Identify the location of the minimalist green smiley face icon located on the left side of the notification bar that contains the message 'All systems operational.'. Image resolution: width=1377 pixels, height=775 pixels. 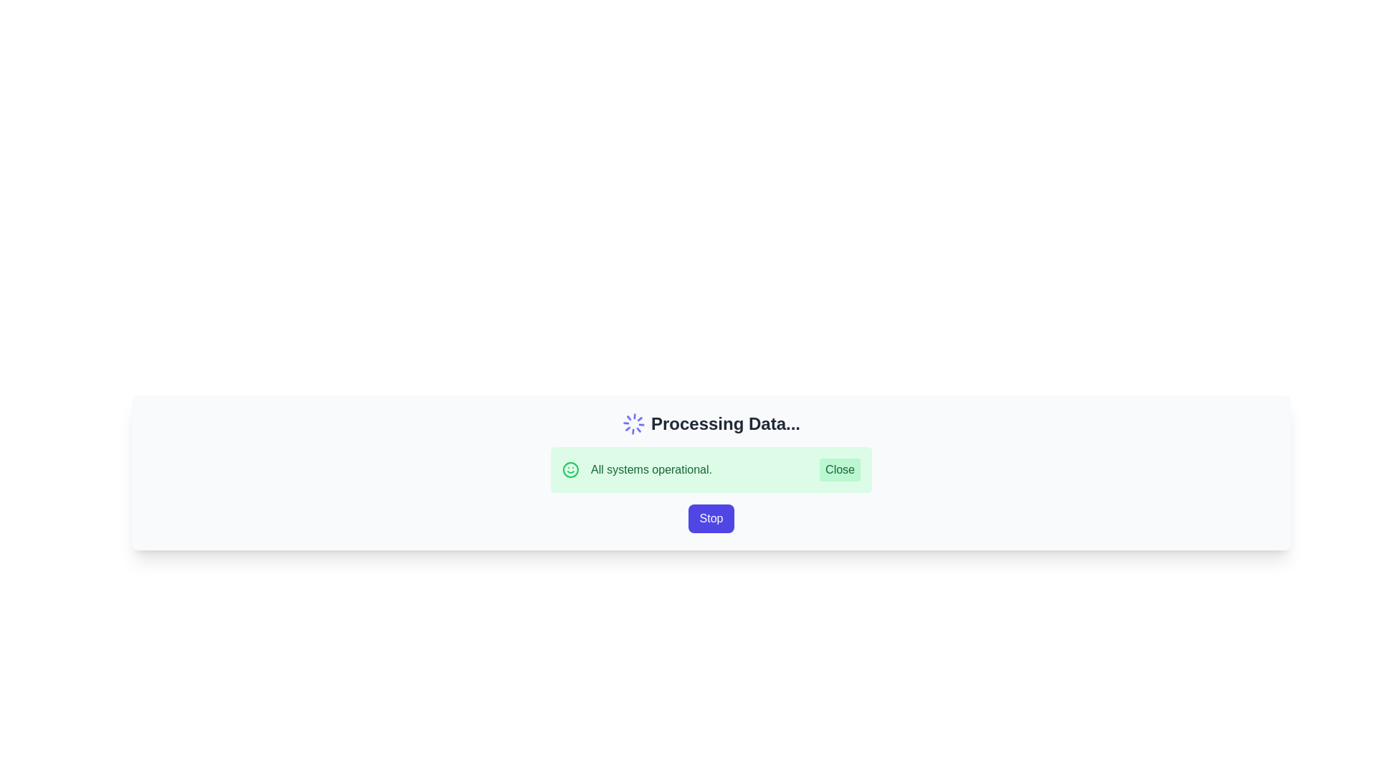
(570, 470).